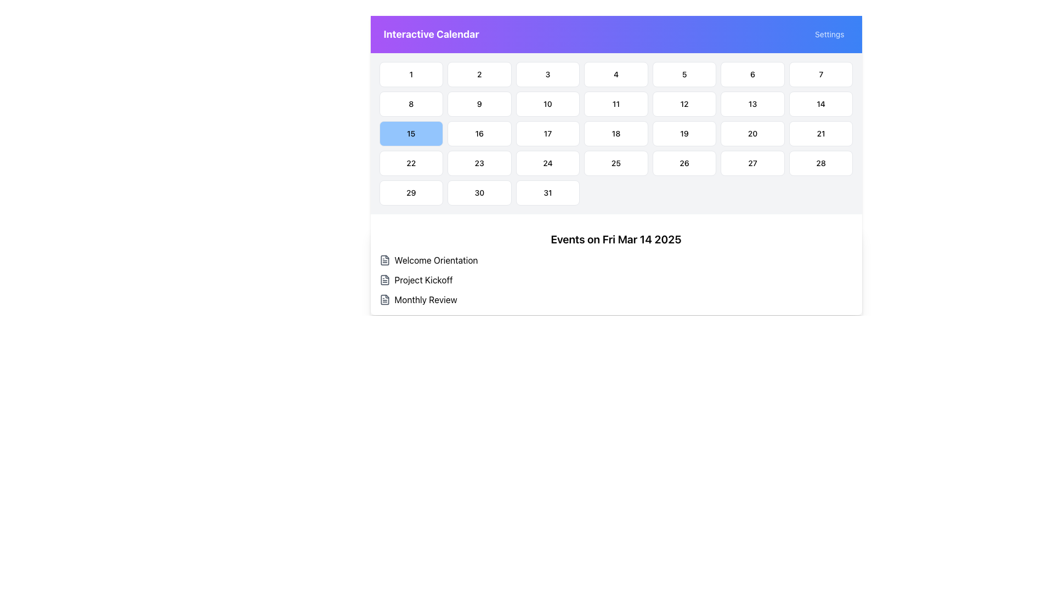 The width and height of the screenshot is (1053, 592). Describe the element at coordinates (384, 300) in the screenshot. I see `the graphical file icon with rounded edges located to the left of the 'Monthly Review' text in the calendar interface, which is the third entry in the list` at that location.